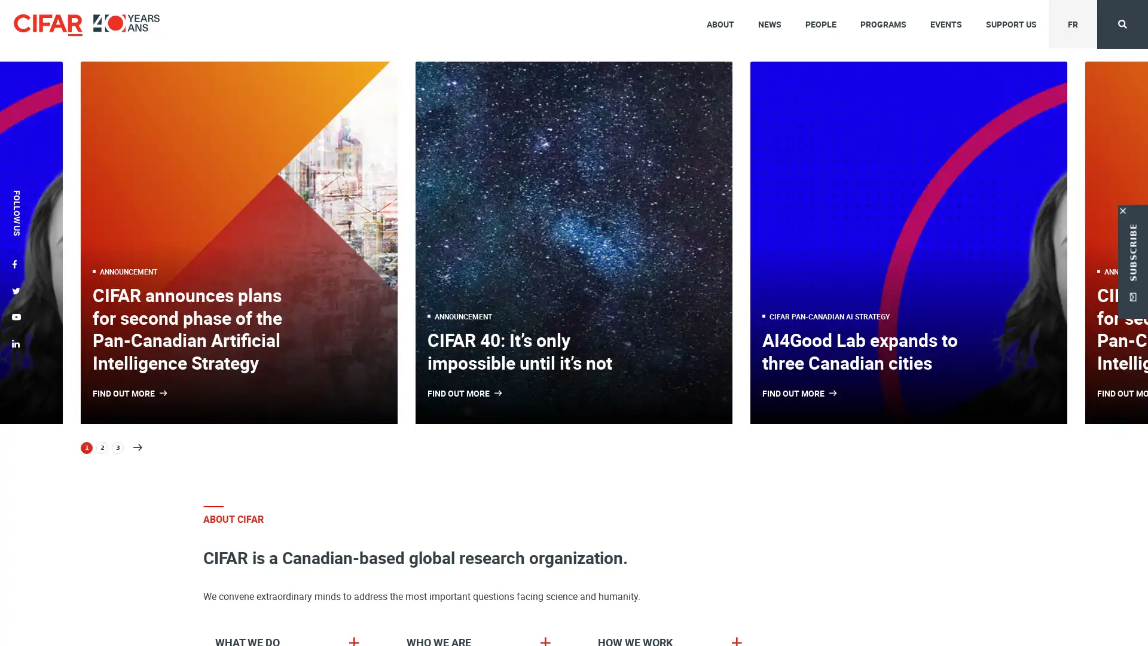 Image resolution: width=1148 pixels, height=646 pixels. I want to click on Hide the subscribe button, so click(1123, 207).